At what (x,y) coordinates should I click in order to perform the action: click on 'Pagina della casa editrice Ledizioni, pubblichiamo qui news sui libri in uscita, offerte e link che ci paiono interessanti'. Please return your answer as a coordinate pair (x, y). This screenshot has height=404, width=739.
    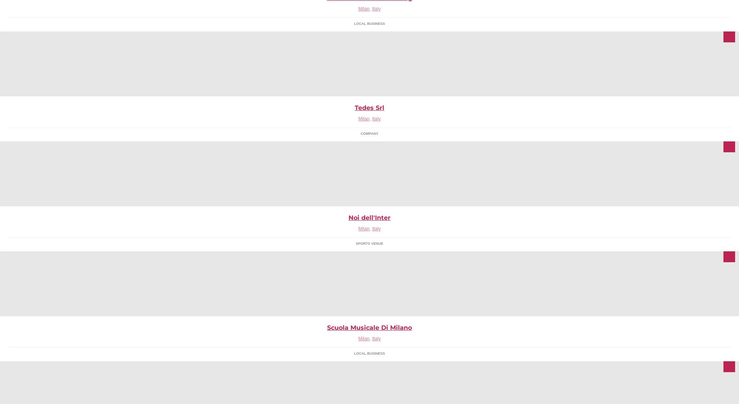
    Looking at the image, I should click on (134, 304).